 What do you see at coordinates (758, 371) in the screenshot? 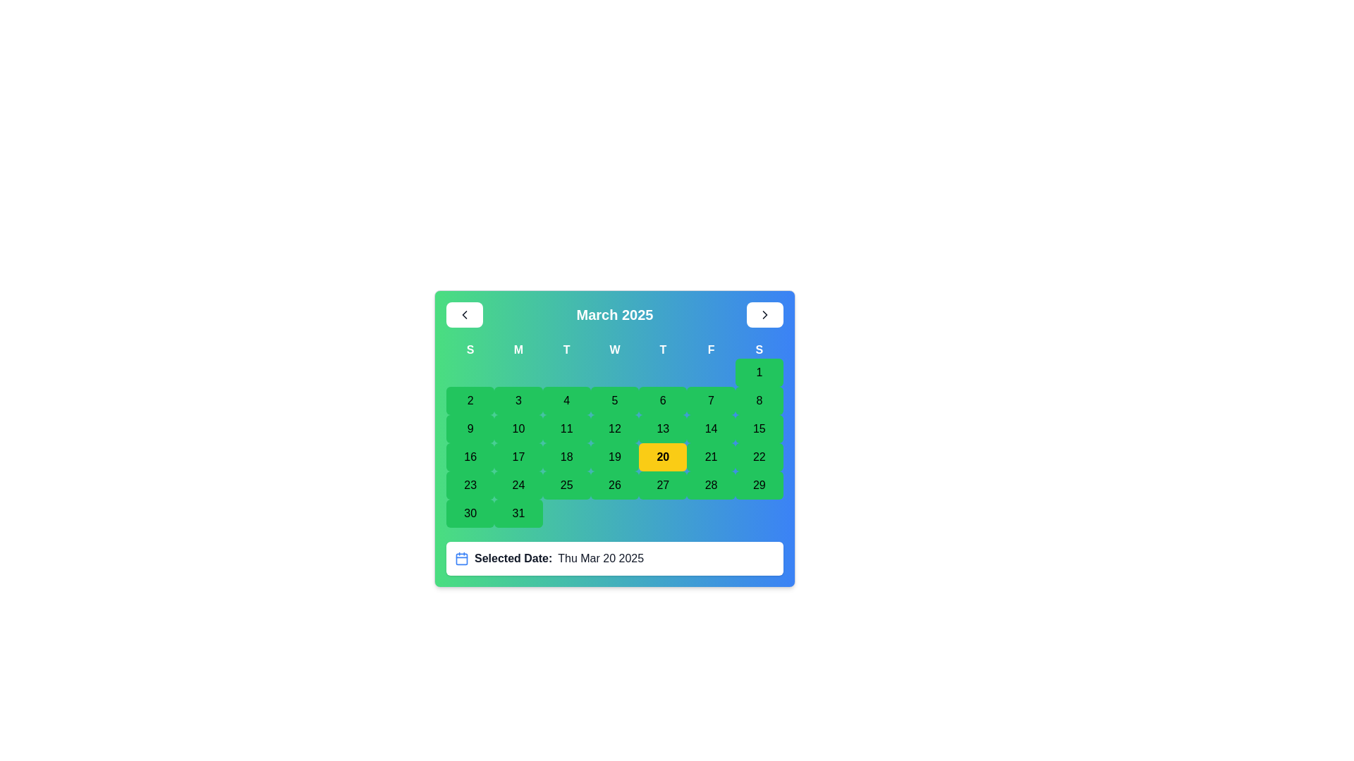
I see `the calendar button representing the date '1' located in the first row and seventh column under the 'S' header for Saturday` at bounding box center [758, 371].